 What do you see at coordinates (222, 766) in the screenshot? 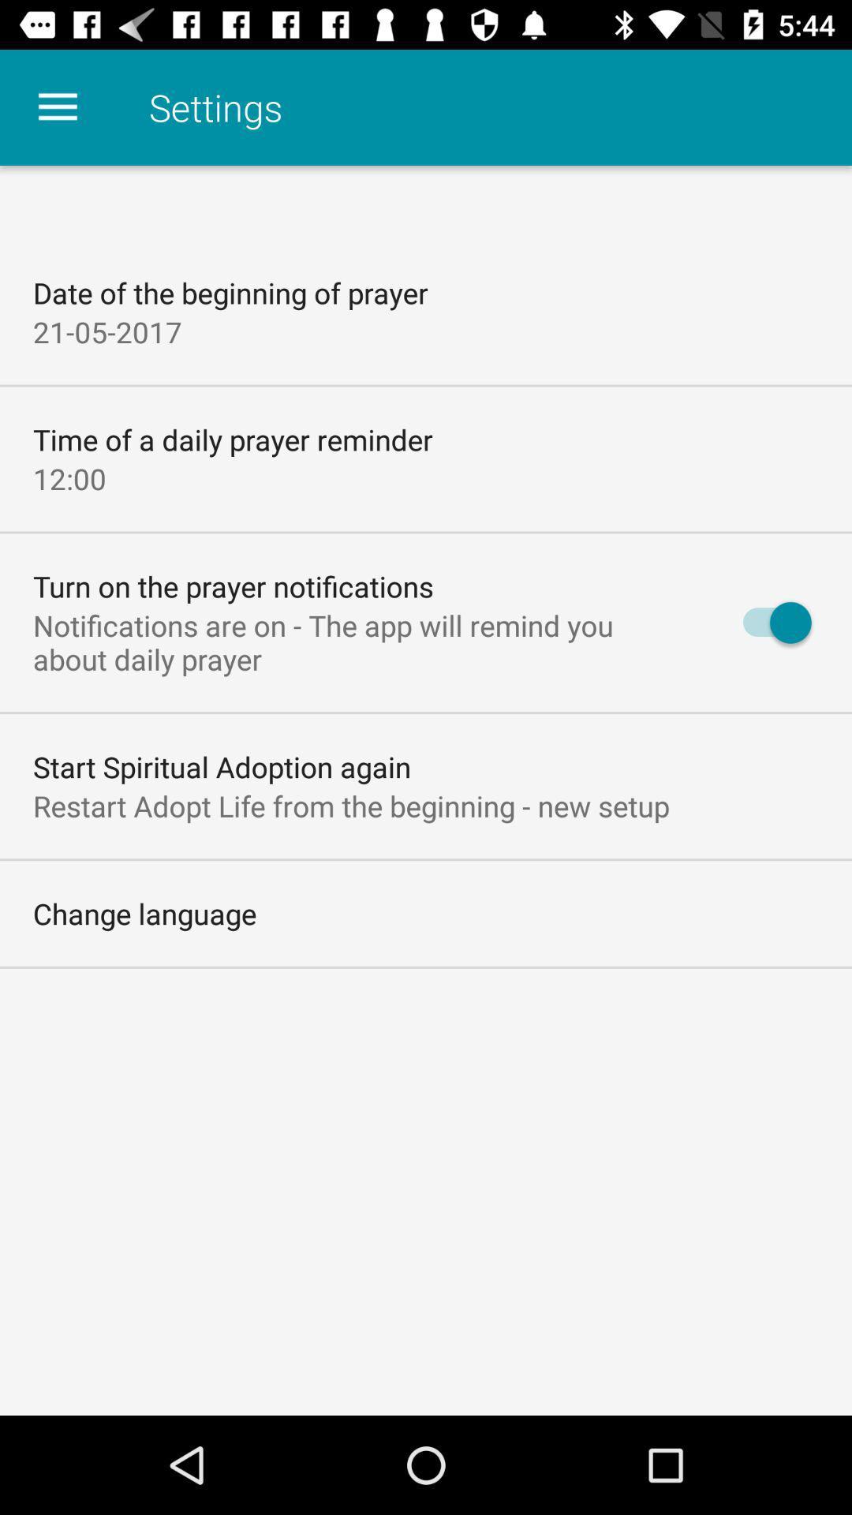
I see `item above the restart adopt life item` at bounding box center [222, 766].